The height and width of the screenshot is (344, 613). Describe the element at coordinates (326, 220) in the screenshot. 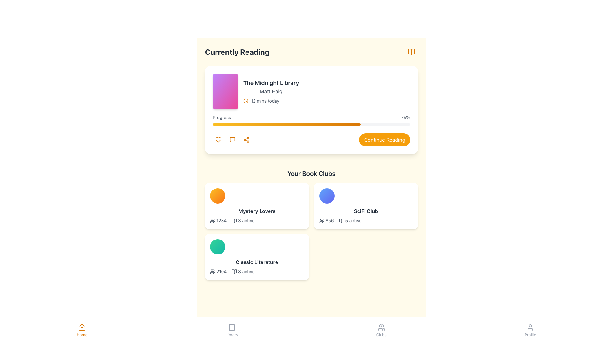

I see `the number indicator icon displaying the member count in the 'SciFi Club' card within the 'Your Book Clubs' section for additional details` at that location.